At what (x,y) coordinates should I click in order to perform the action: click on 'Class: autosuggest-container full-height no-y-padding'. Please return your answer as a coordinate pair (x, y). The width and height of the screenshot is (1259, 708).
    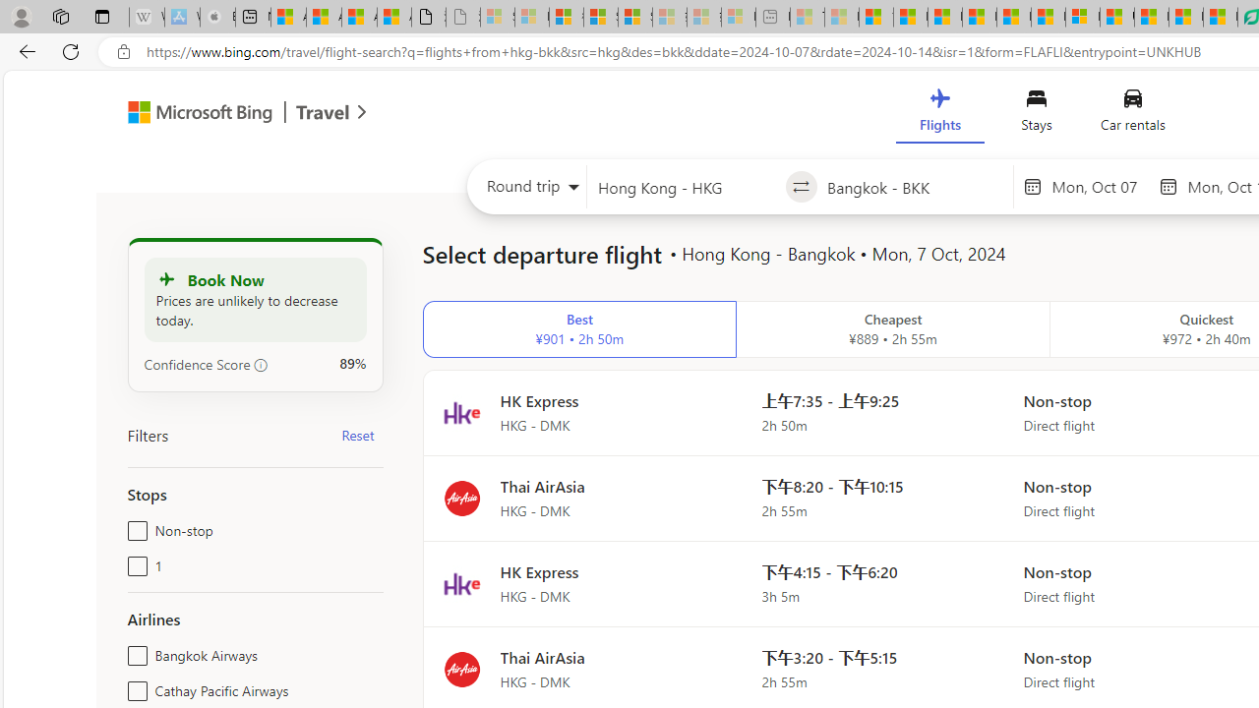
    Looking at the image, I should click on (914, 187).